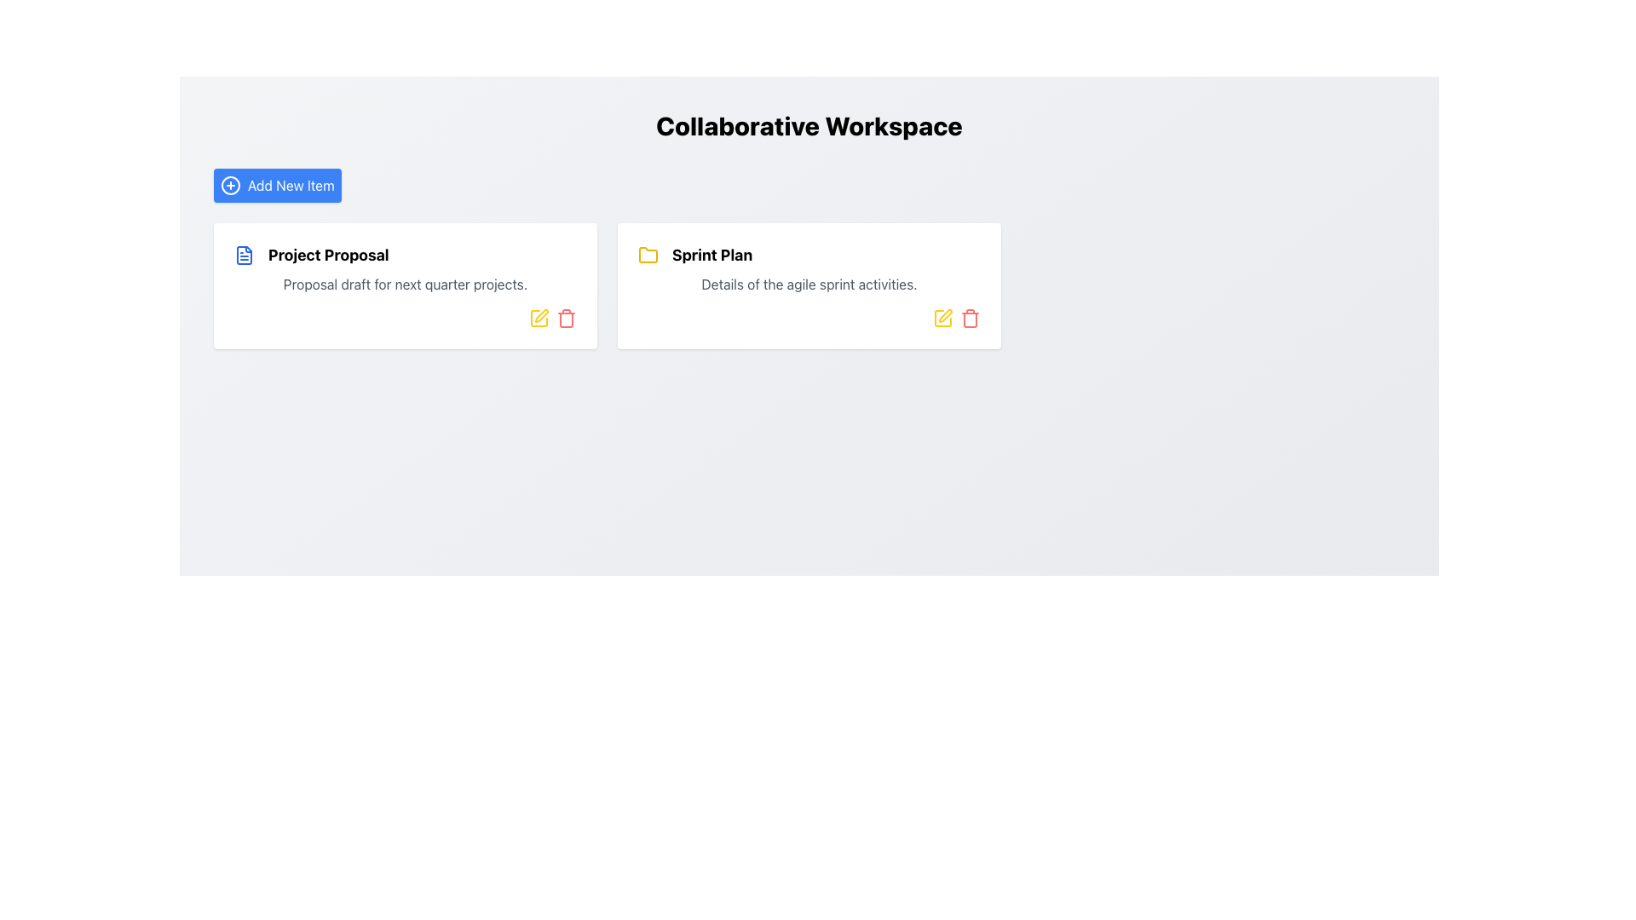 The image size is (1636, 920). Describe the element at coordinates (970, 319) in the screenshot. I see `the red-colored trash bin icon button, located` at that location.